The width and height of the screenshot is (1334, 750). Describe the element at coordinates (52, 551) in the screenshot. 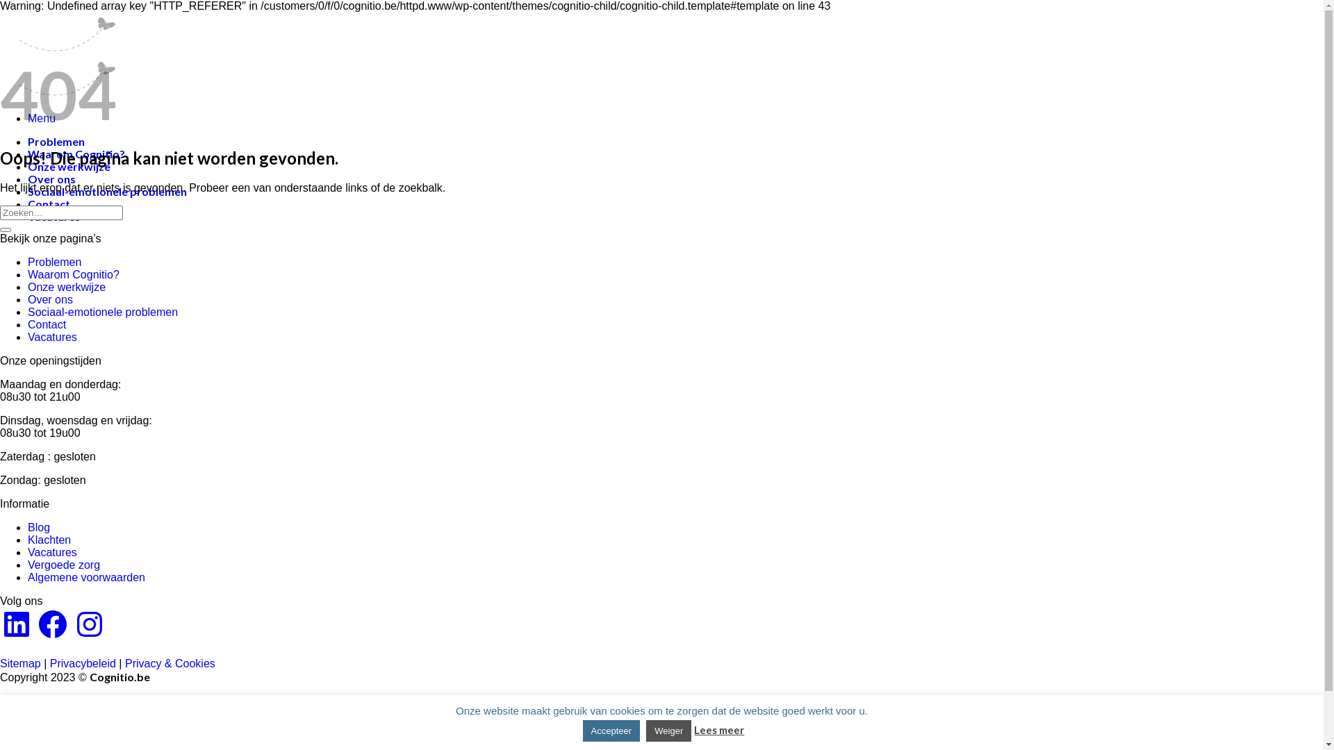

I see `'Vacatures'` at that location.